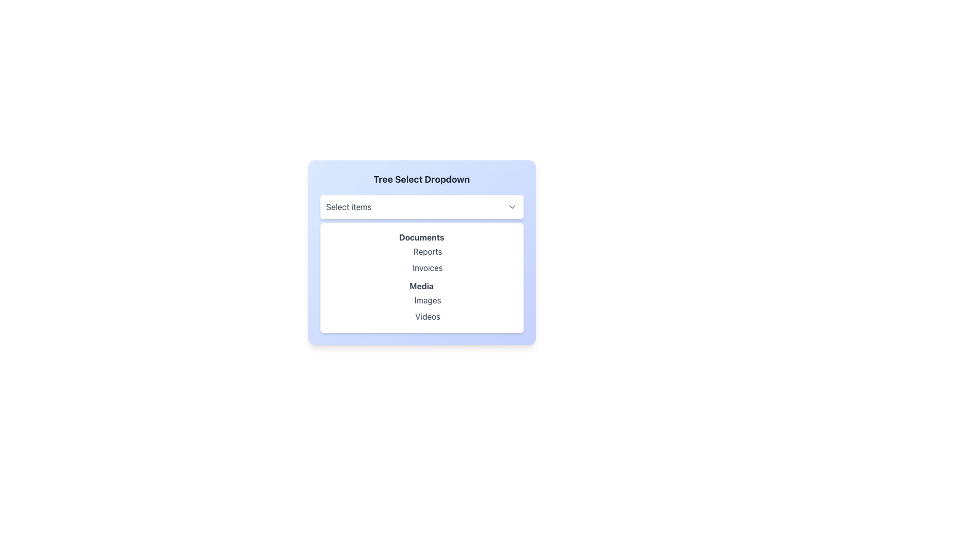 This screenshot has width=975, height=548. Describe the element at coordinates (426, 316) in the screenshot. I see `the 'Videos' text label within the selectable list item located in the 'Media' dropdown section` at that location.